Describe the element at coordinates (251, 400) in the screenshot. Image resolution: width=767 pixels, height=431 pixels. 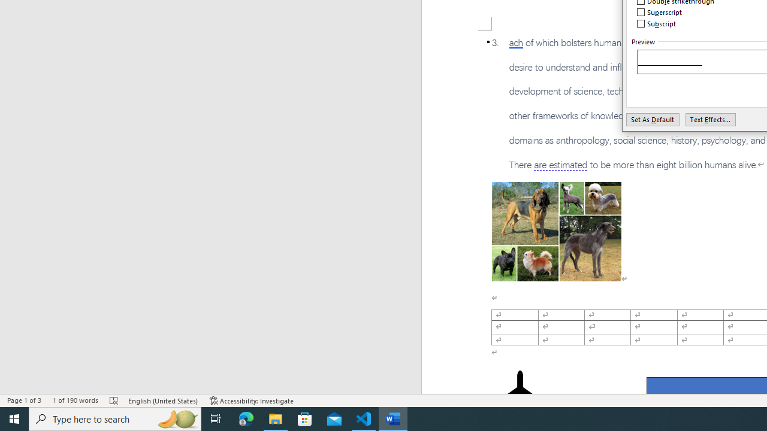
I see `'Accessibility Checker Accessibility: Investigate'` at that location.